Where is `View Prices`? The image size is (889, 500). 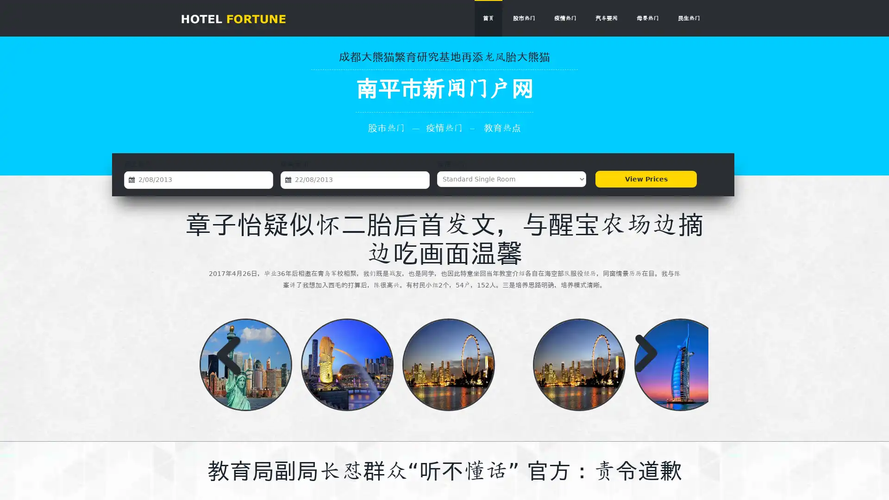
View Prices is located at coordinates (645, 179).